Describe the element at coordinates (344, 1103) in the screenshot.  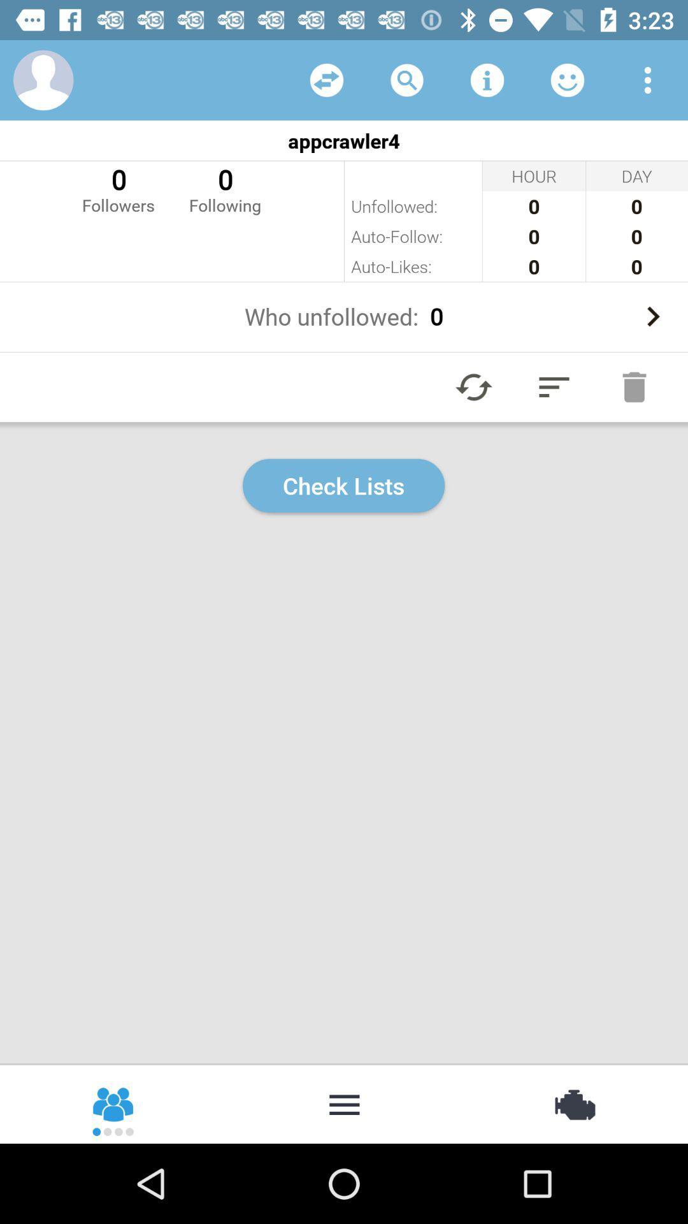
I see `the more icon` at that location.